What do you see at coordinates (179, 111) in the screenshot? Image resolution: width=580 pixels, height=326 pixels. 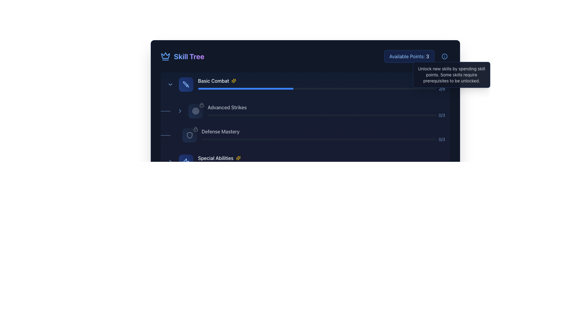 I see `the rightward-pointing chevron icon button located immediately to the left of the 'Advanced Strikes' label in the skill tree interface` at bounding box center [179, 111].